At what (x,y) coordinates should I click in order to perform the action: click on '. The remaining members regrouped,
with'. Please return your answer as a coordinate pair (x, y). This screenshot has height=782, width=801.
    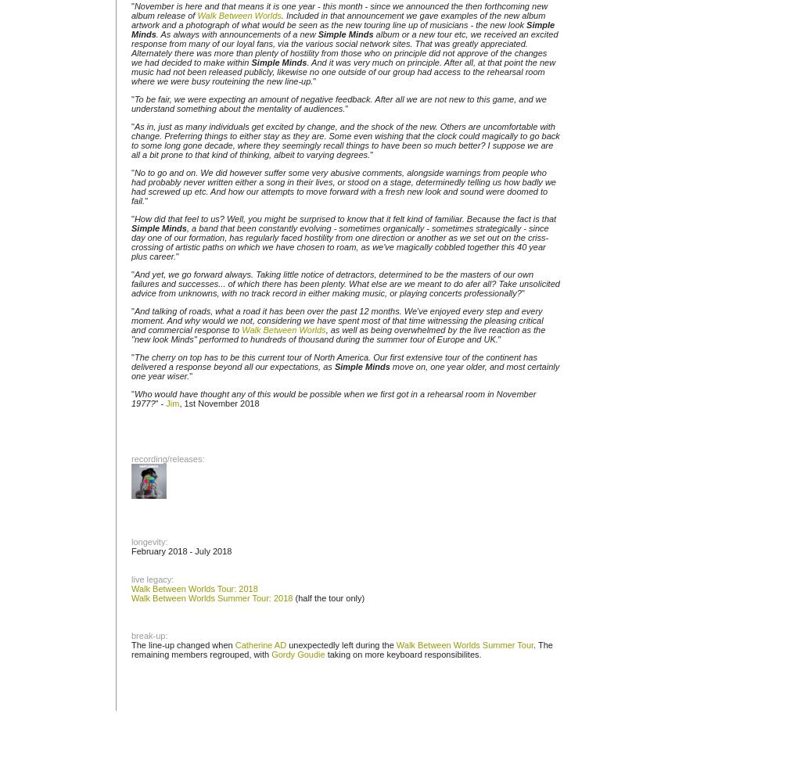
    Looking at the image, I should click on (131, 649).